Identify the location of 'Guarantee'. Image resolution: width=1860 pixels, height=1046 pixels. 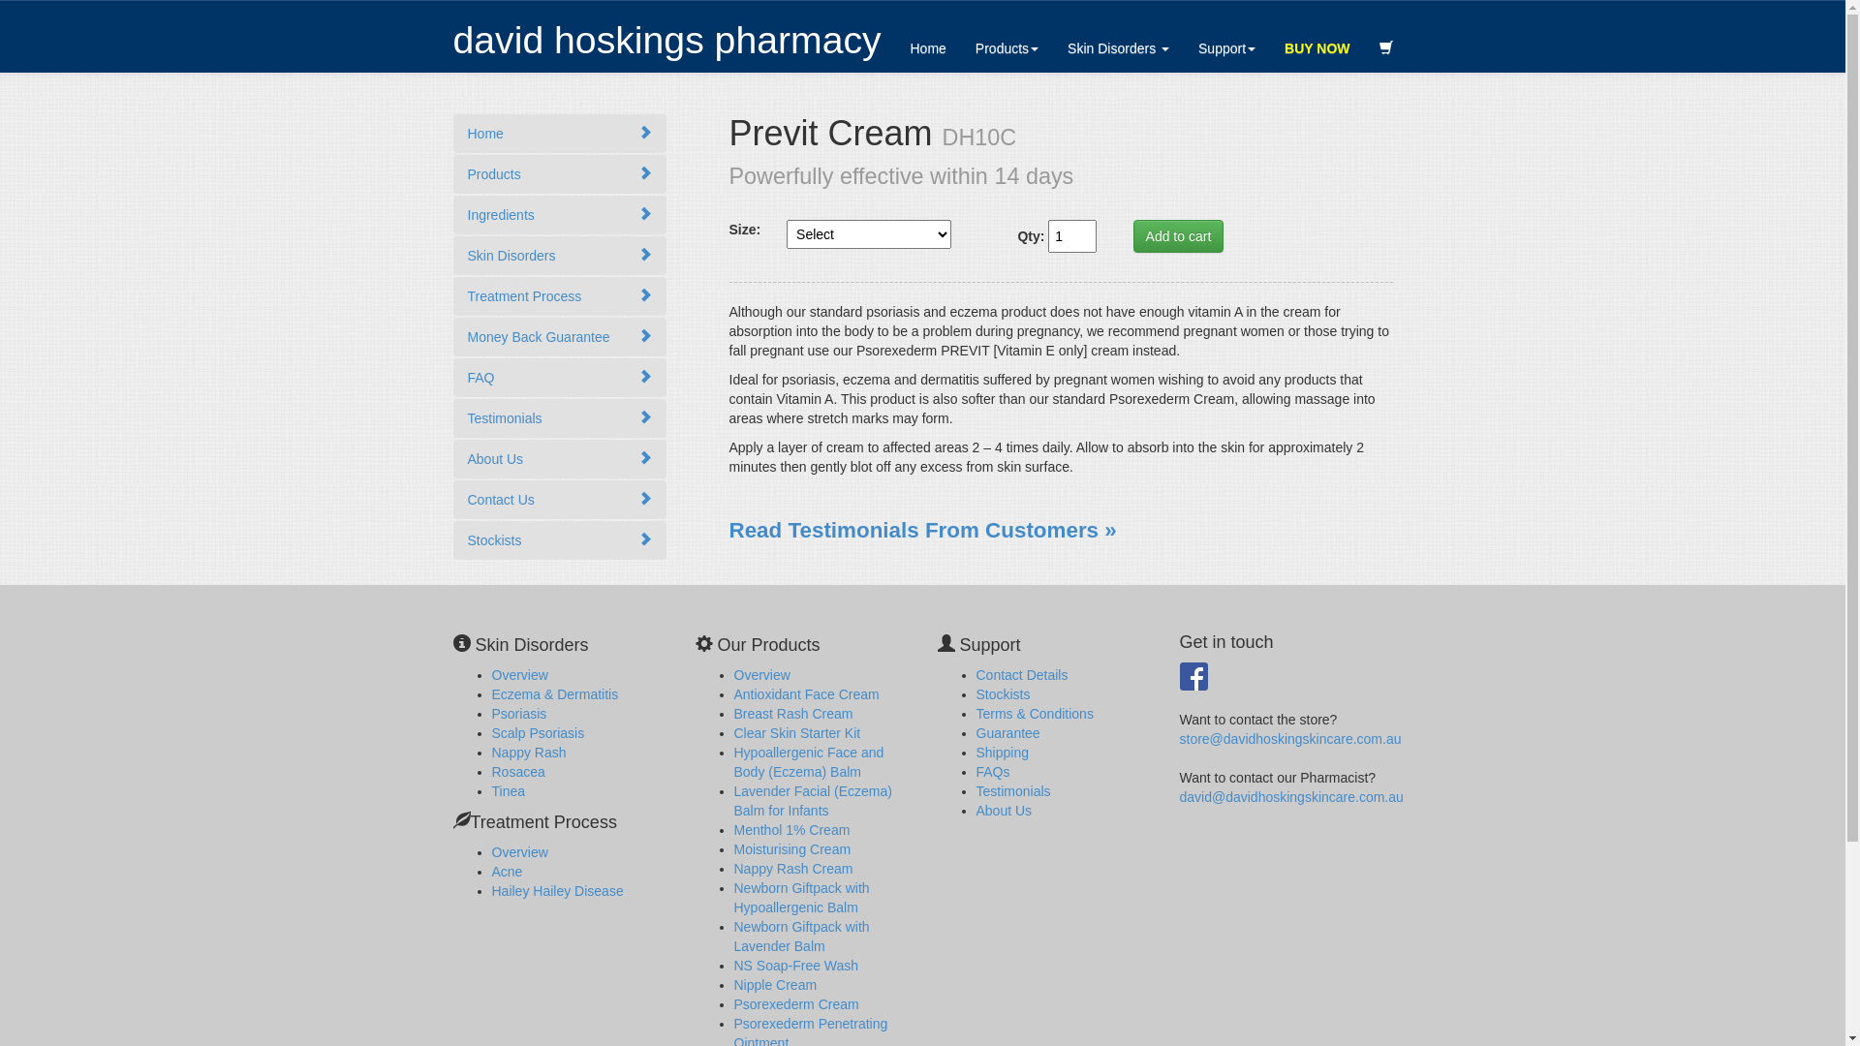
(1007, 732).